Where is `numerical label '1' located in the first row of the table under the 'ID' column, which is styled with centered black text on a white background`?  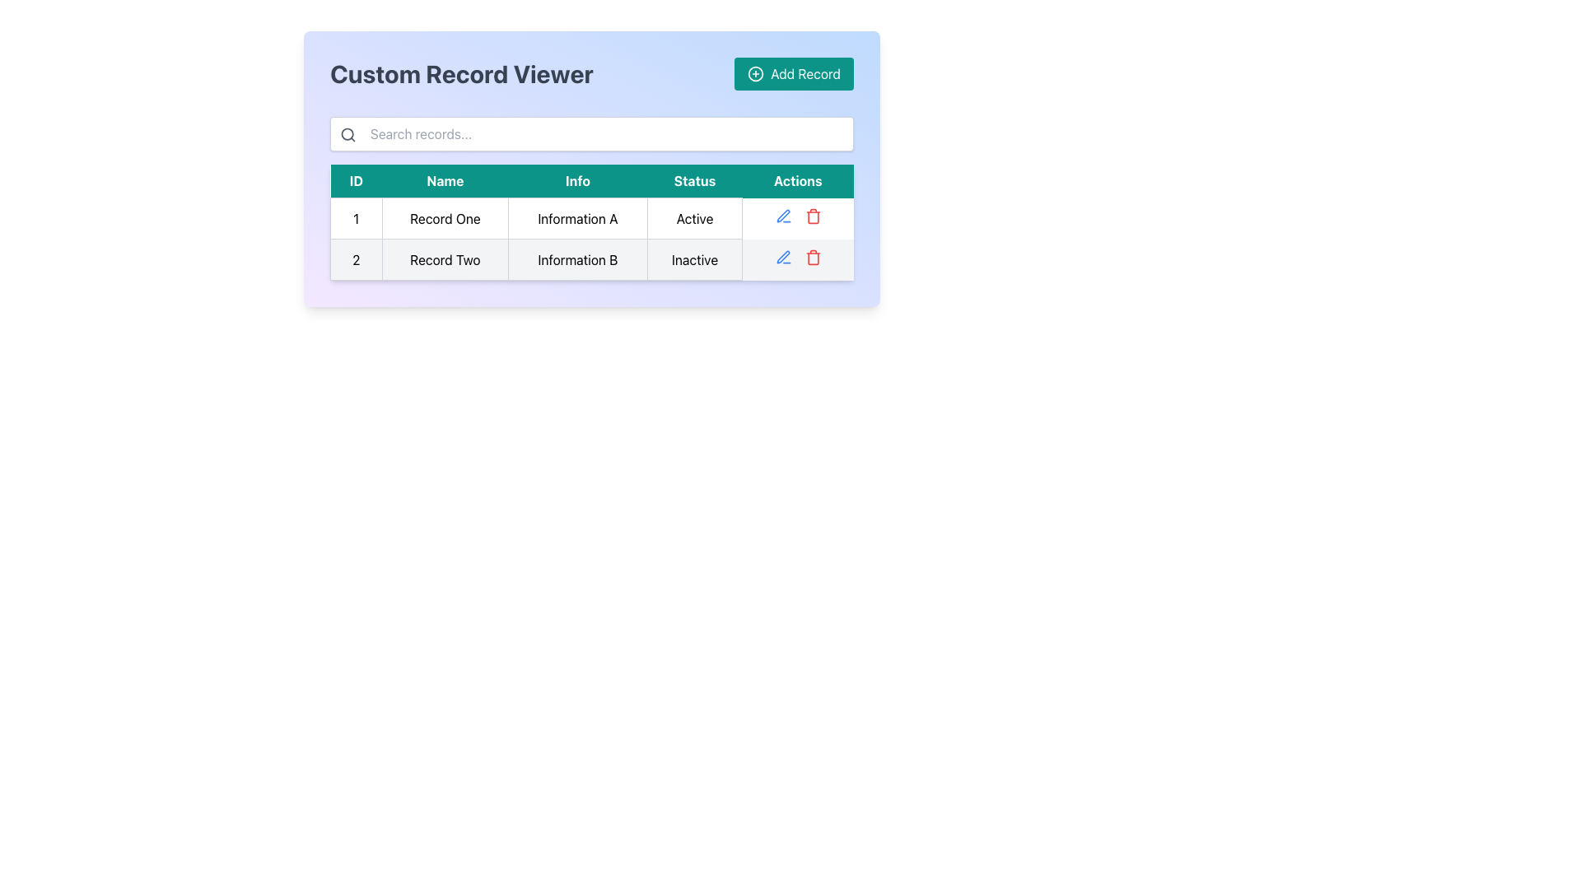 numerical label '1' located in the first row of the table under the 'ID' column, which is styled with centered black text on a white background is located at coordinates (355, 217).